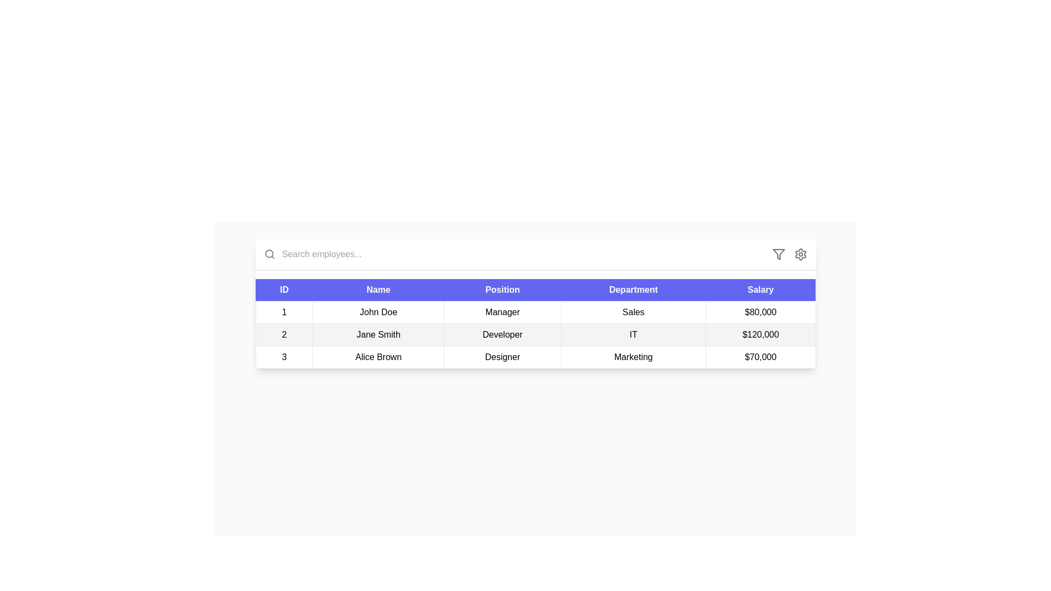 Image resolution: width=1051 pixels, height=591 pixels. I want to click on the static text label displaying 'Developer' in the table for the employee 'Jane Smith', so click(502, 334).